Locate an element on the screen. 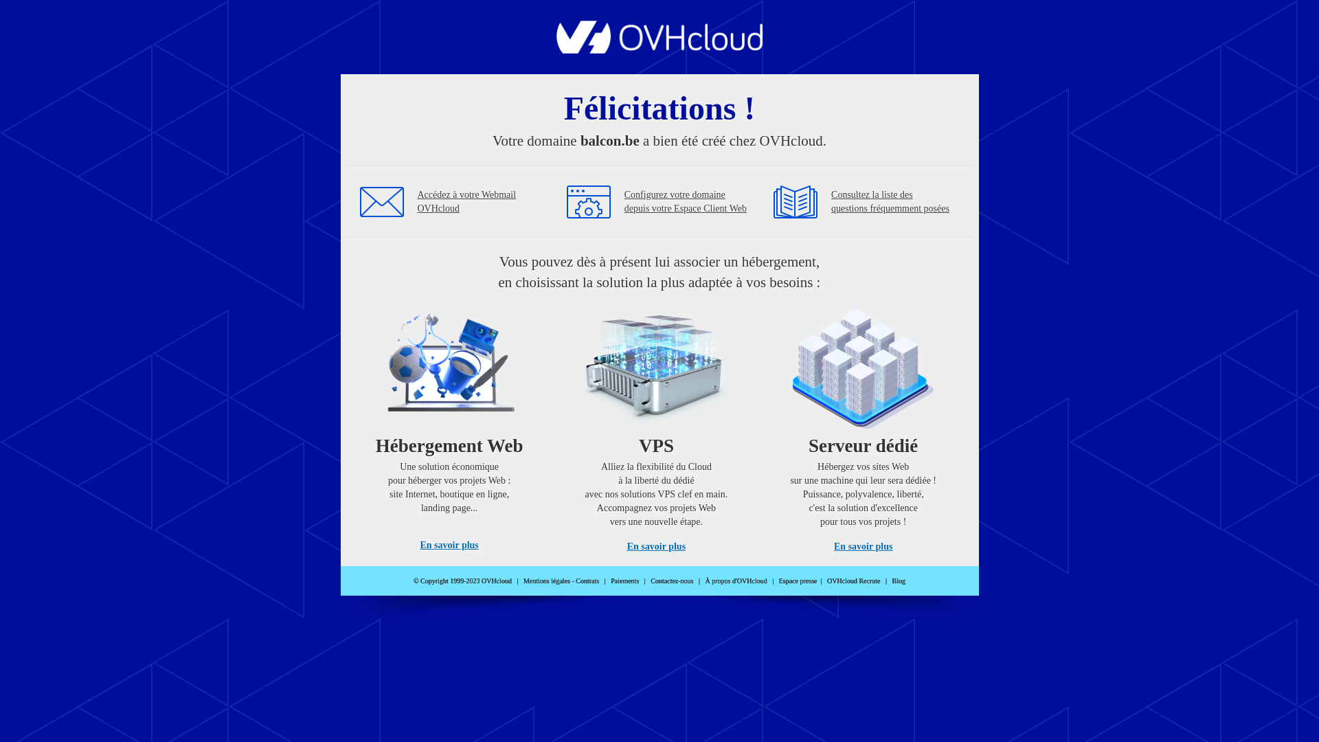  'Espace presse' is located at coordinates (798, 581).